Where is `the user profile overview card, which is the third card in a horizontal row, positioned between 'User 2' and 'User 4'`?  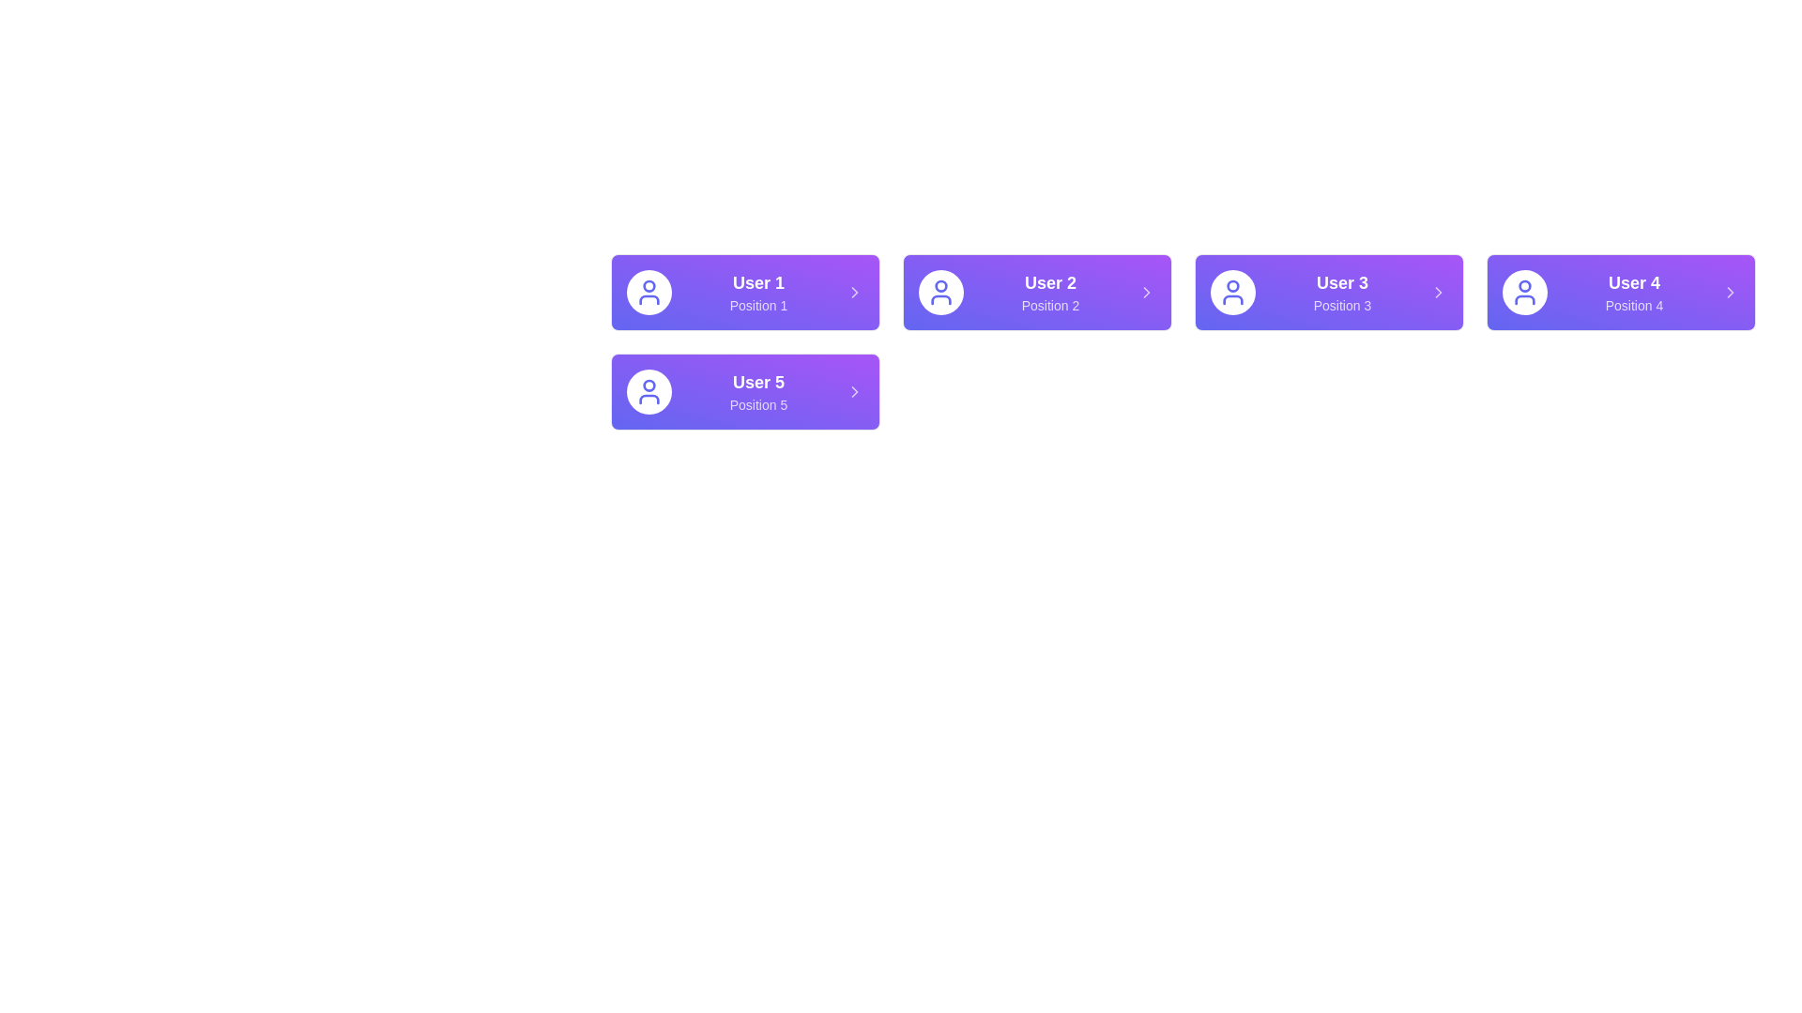 the user profile overview card, which is the third card in a horizontal row, positioned between 'User 2' and 'User 4' is located at coordinates (1328, 293).